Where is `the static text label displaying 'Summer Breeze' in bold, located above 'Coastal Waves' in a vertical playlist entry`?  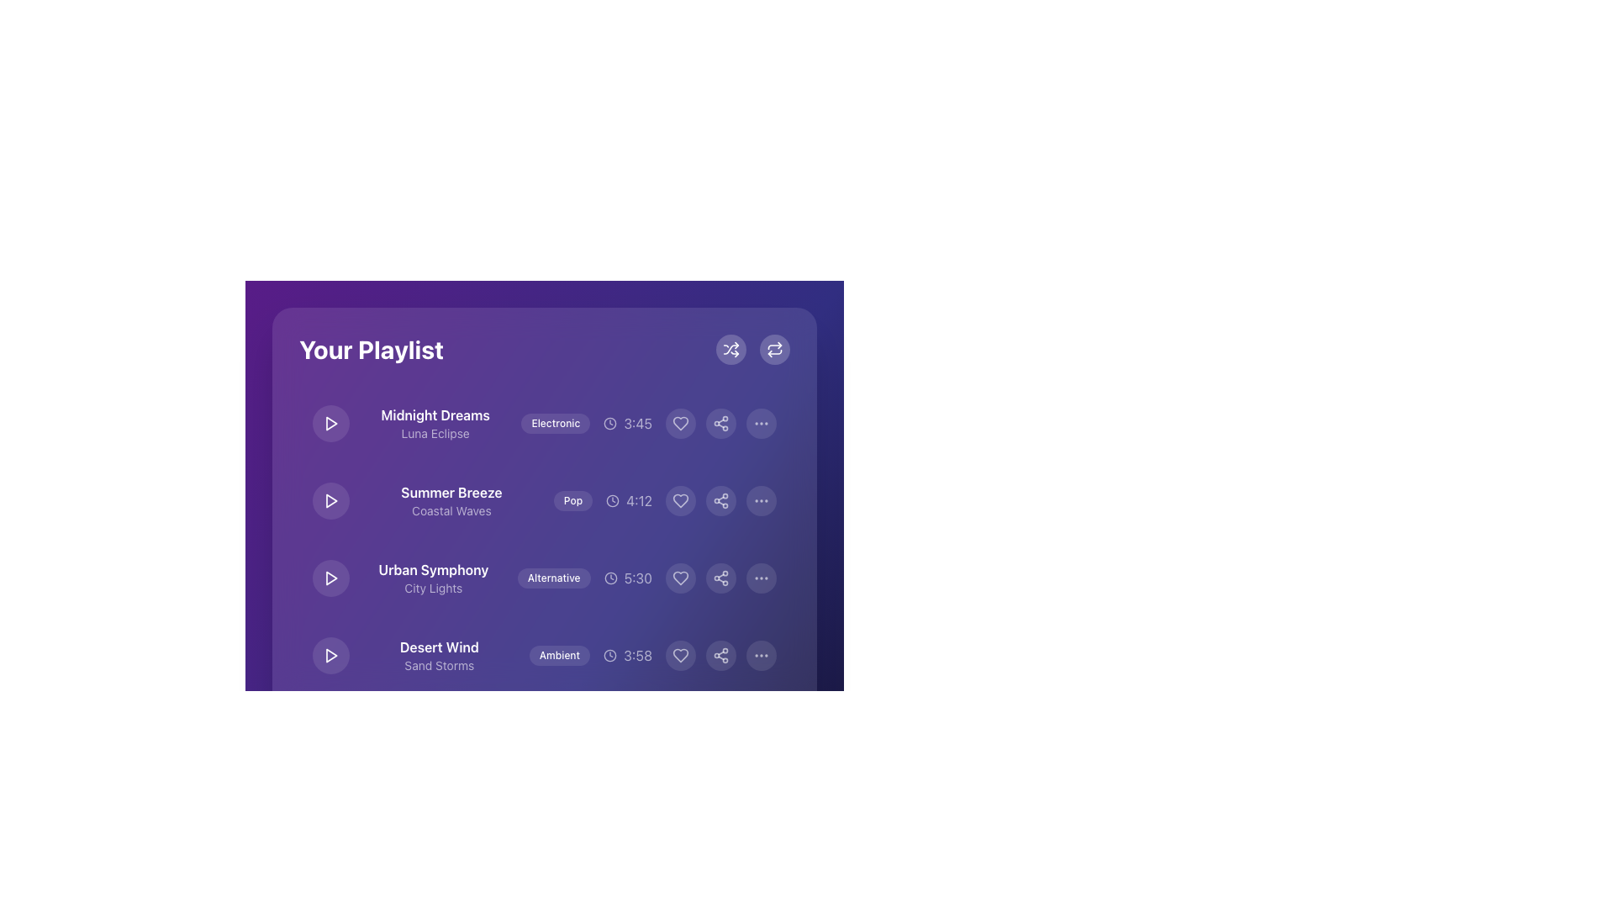
the static text label displaying 'Summer Breeze' in bold, located above 'Coastal Waves' in a vertical playlist entry is located at coordinates (451, 492).